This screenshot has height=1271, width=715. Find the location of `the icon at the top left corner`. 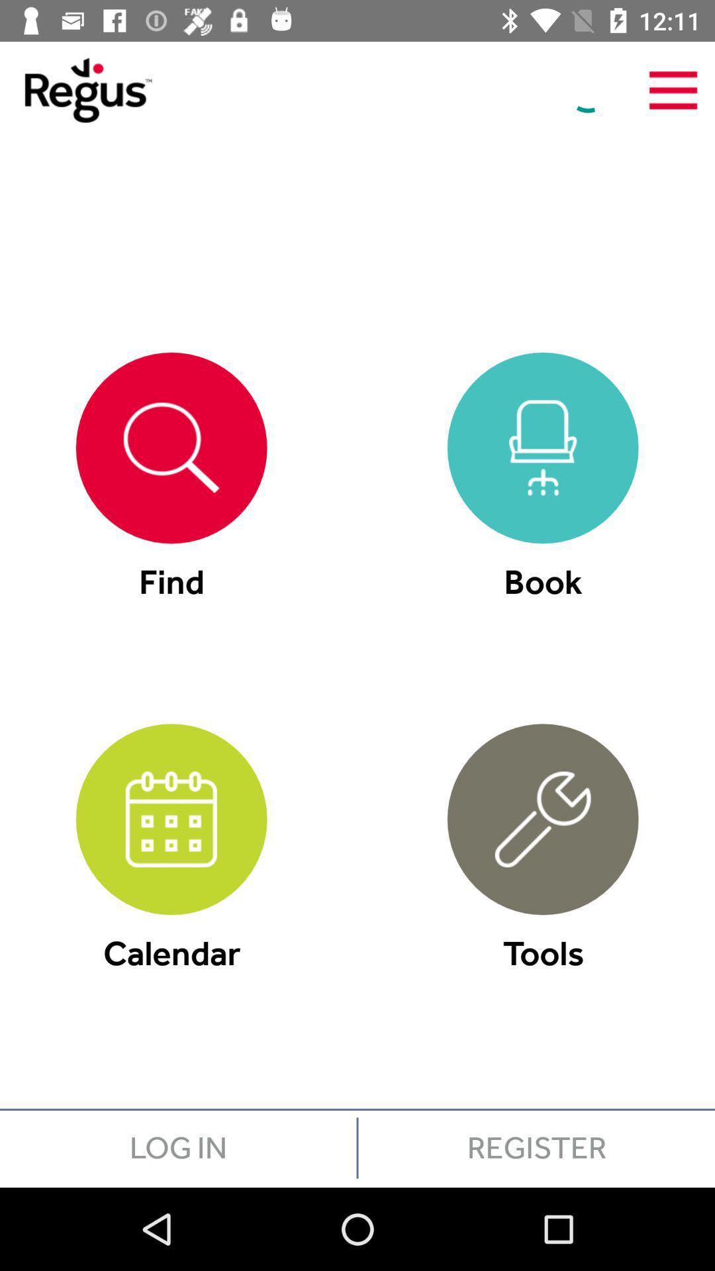

the icon at the top left corner is located at coordinates (75, 89).